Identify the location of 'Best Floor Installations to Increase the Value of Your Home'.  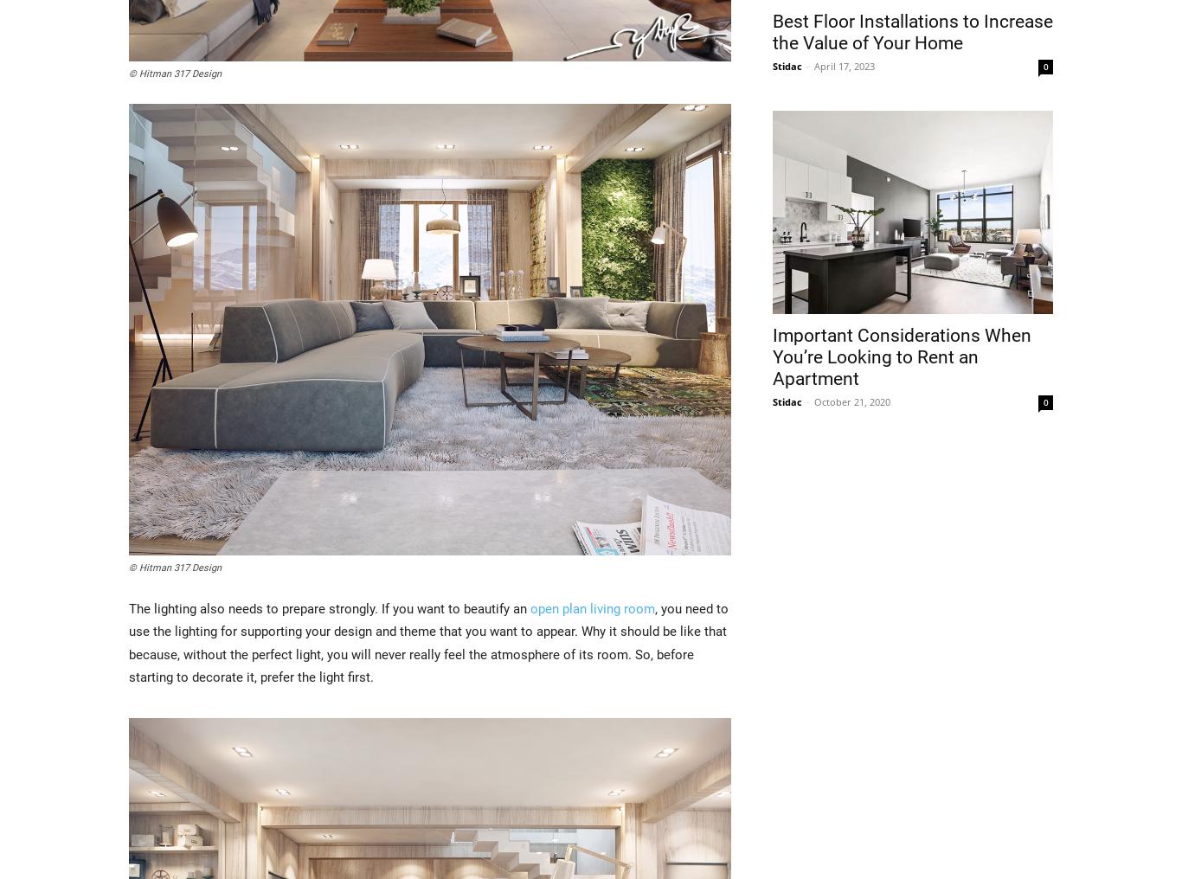
(911, 30).